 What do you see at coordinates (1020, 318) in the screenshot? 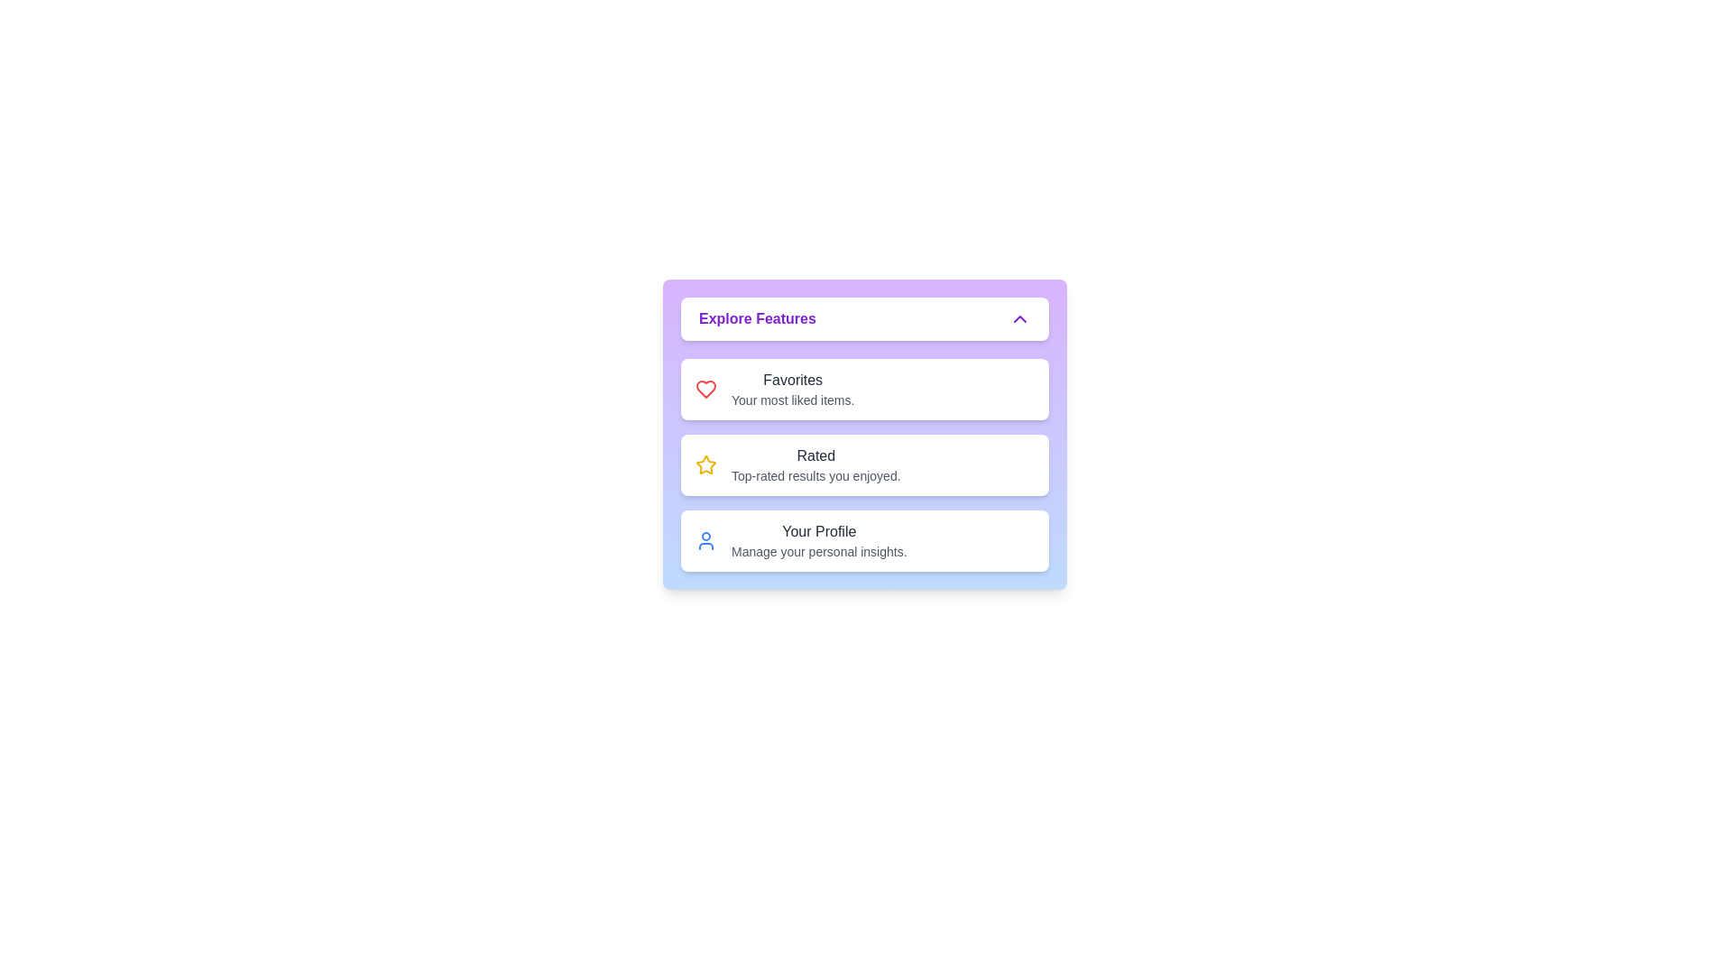
I see `the chevron-shaped icon with a black stroke located at the right side of the 'Explore Features' button` at bounding box center [1020, 318].